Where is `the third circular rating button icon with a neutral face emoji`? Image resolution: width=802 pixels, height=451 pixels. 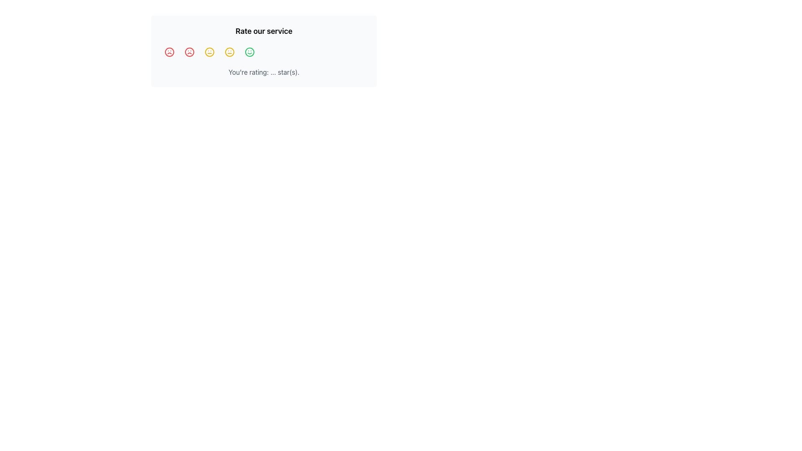
the third circular rating button icon with a neutral face emoji is located at coordinates (210, 52).